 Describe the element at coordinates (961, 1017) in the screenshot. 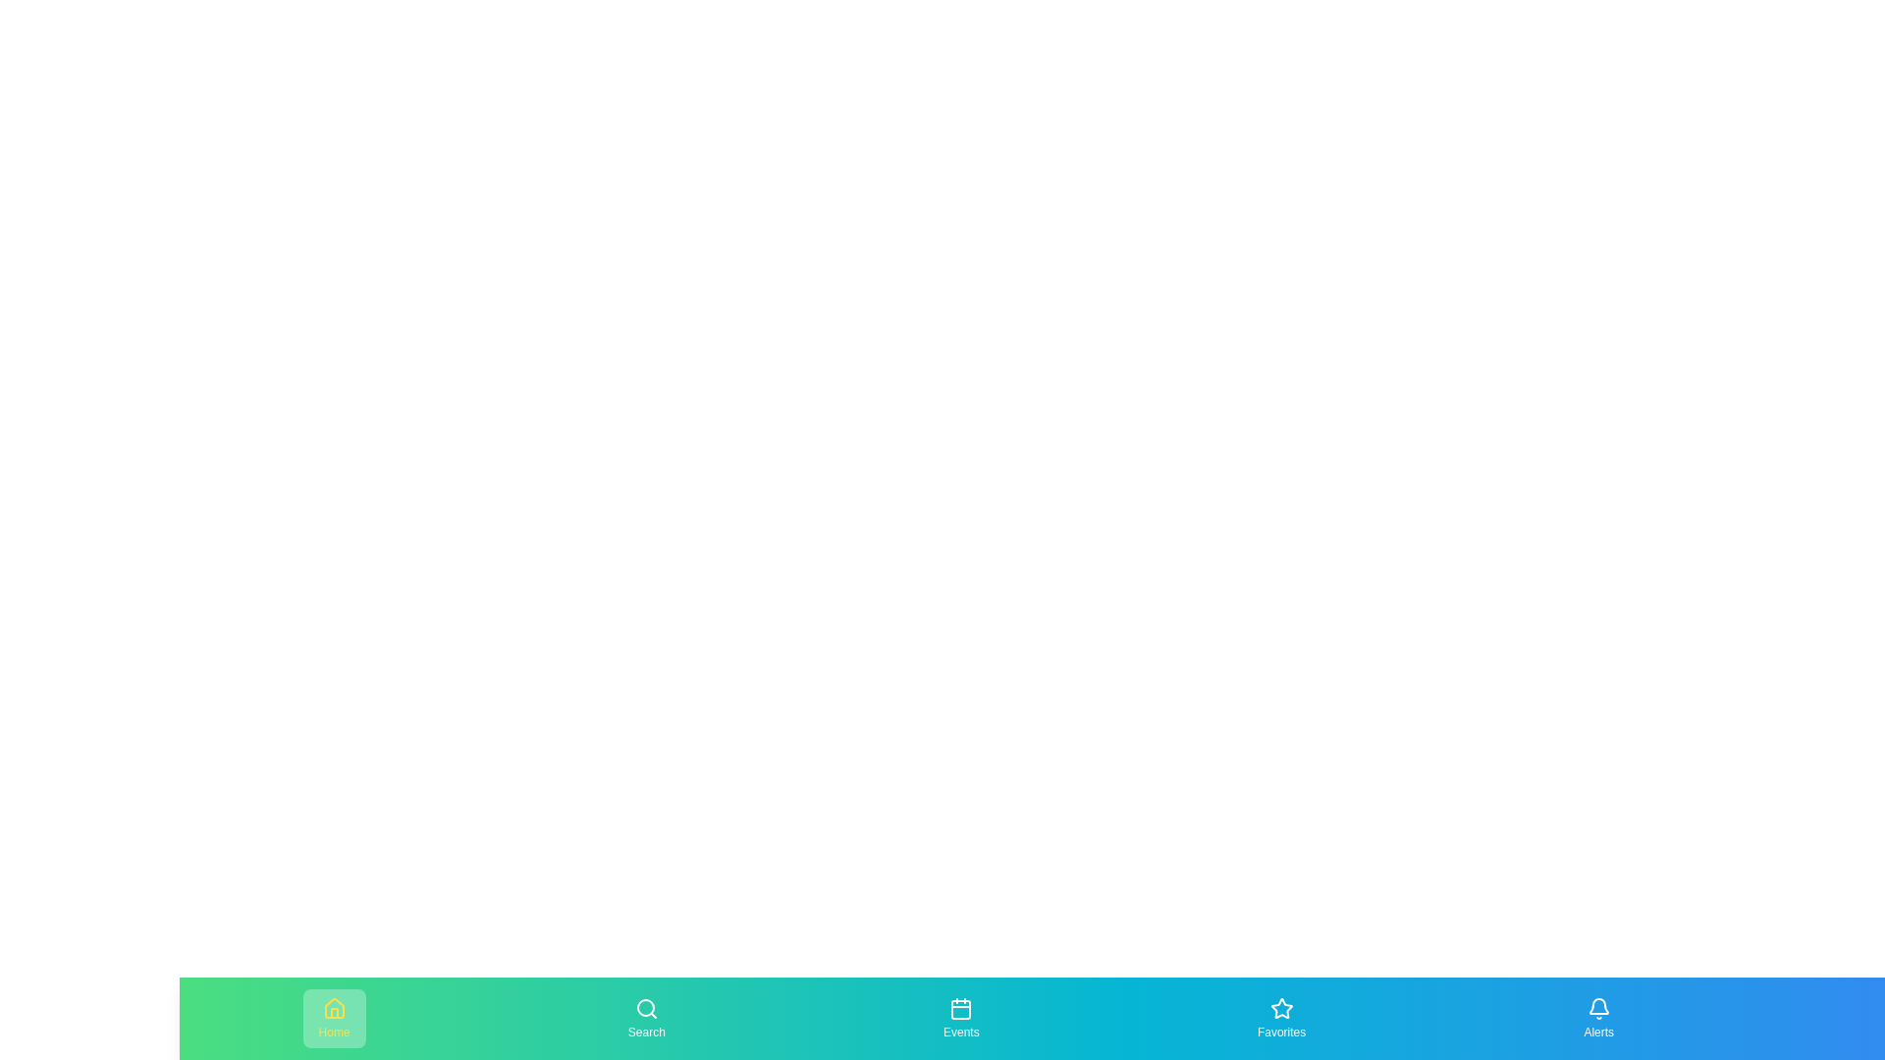

I see `the navigation item Events` at that location.